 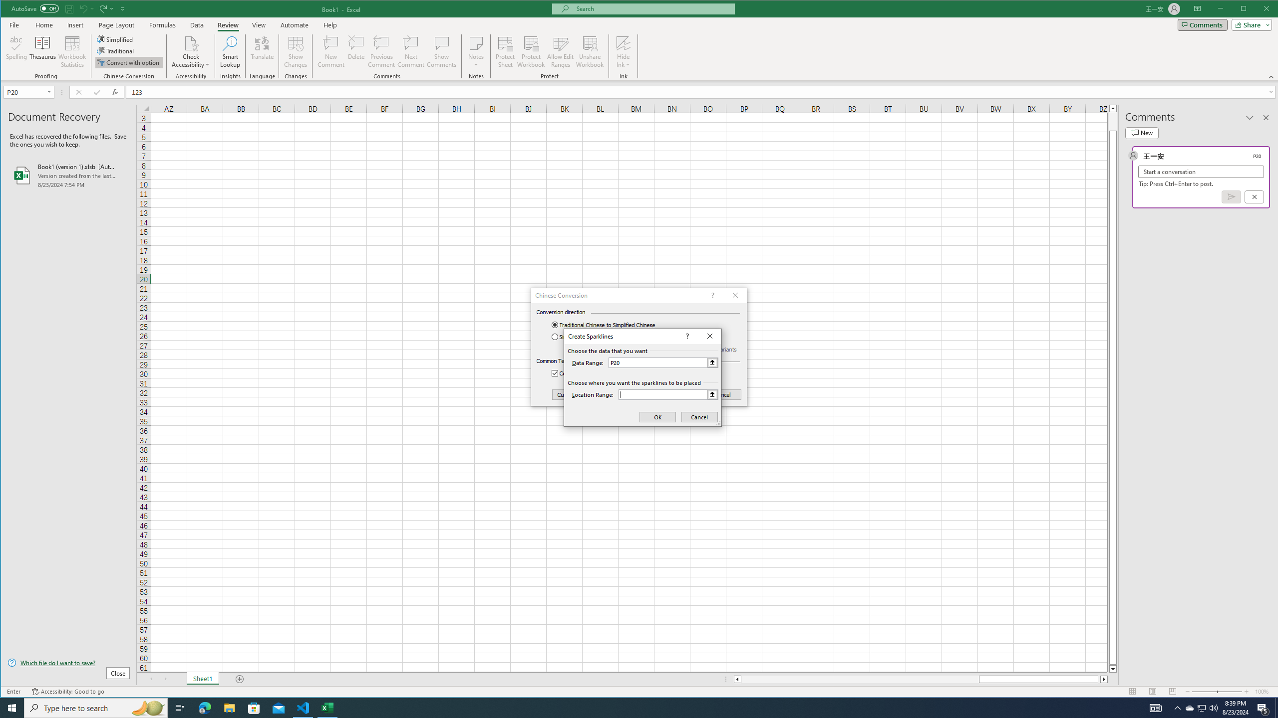 I want to click on 'Spelling...', so click(x=16, y=51).